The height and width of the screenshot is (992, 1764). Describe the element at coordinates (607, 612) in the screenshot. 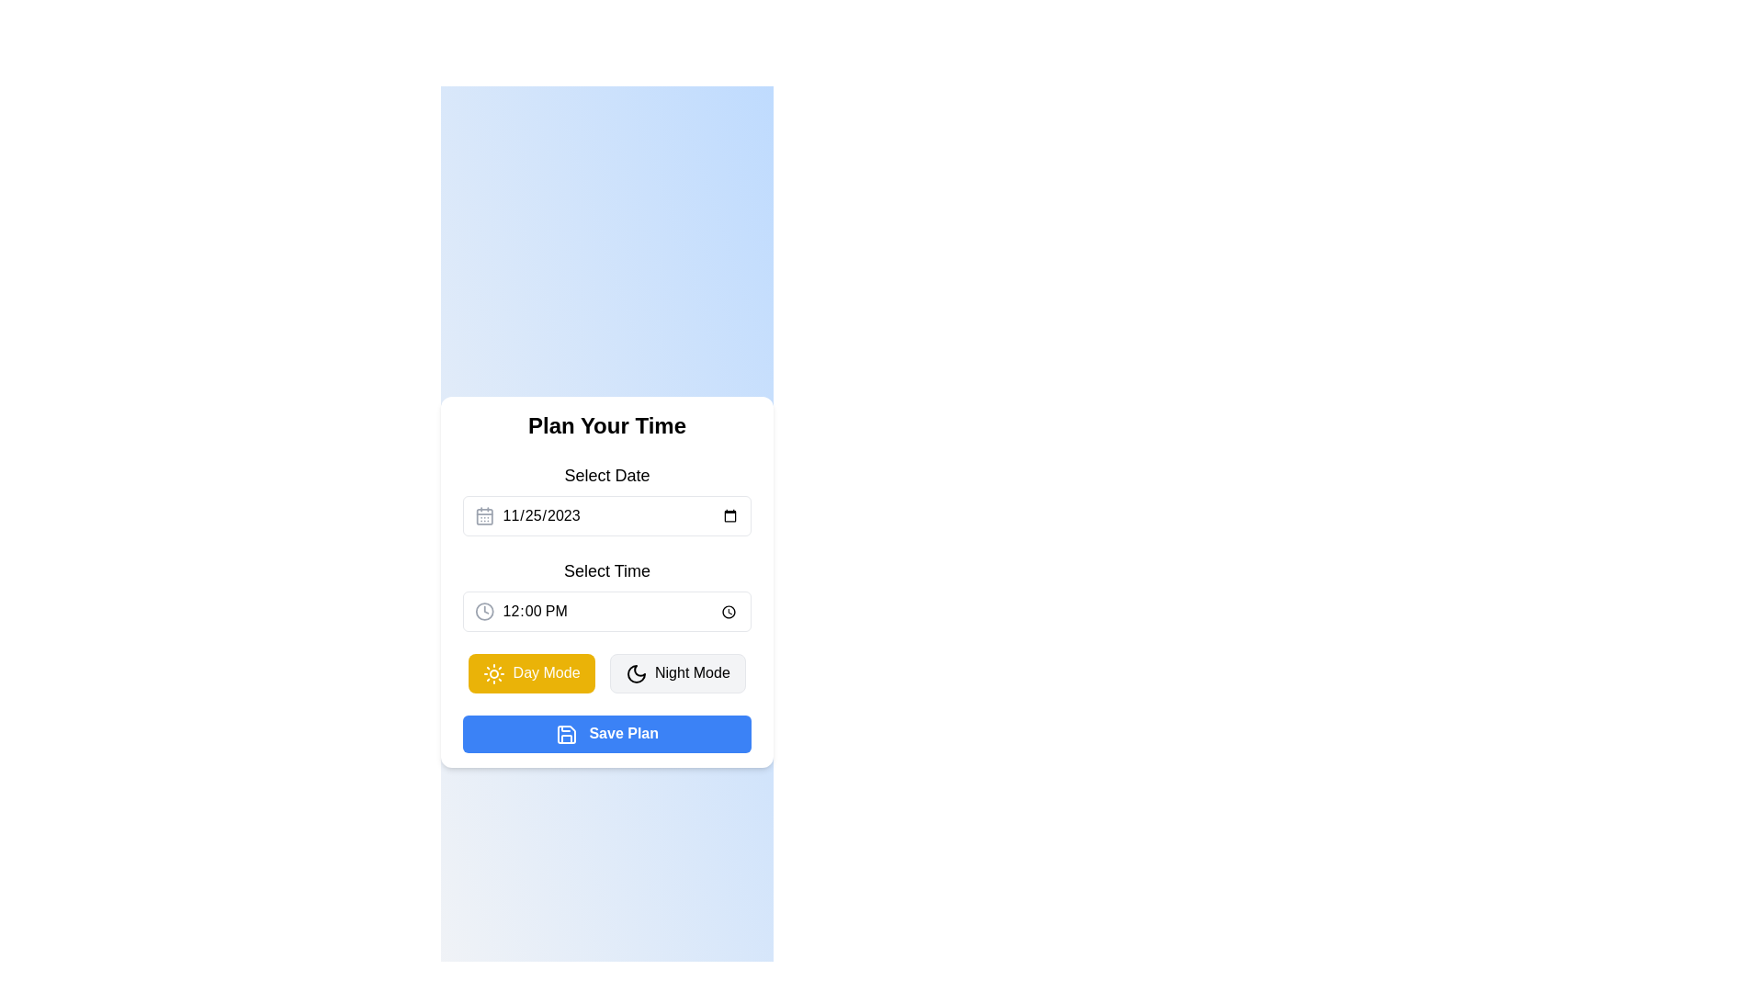

I see `the Interactive time selector field located in the 'Select Time' section beneath the 'Select Date' input field` at that location.